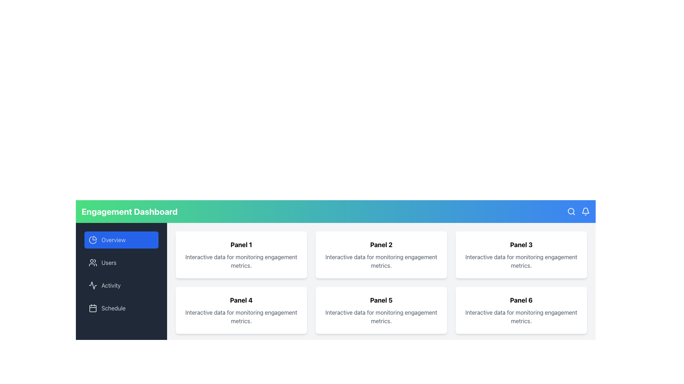 This screenshot has height=384, width=684. Describe the element at coordinates (571, 211) in the screenshot. I see `the Icon button located at the top-right corner of the interface` at that location.